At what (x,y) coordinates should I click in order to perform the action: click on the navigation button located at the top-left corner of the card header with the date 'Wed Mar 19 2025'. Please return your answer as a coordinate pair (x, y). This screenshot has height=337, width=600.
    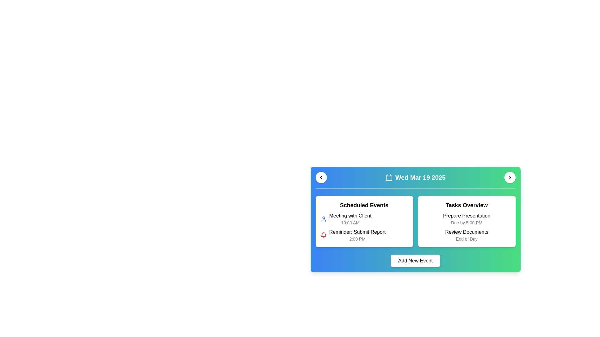
    Looking at the image, I should click on (321, 178).